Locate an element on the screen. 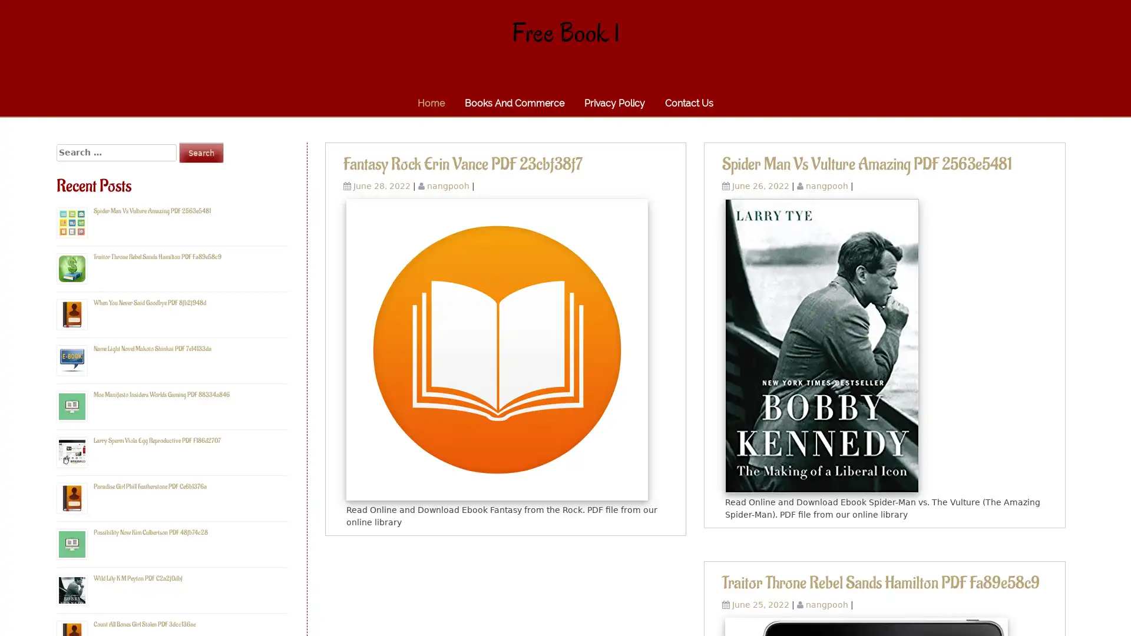 The image size is (1131, 636). Search is located at coordinates (201, 152).